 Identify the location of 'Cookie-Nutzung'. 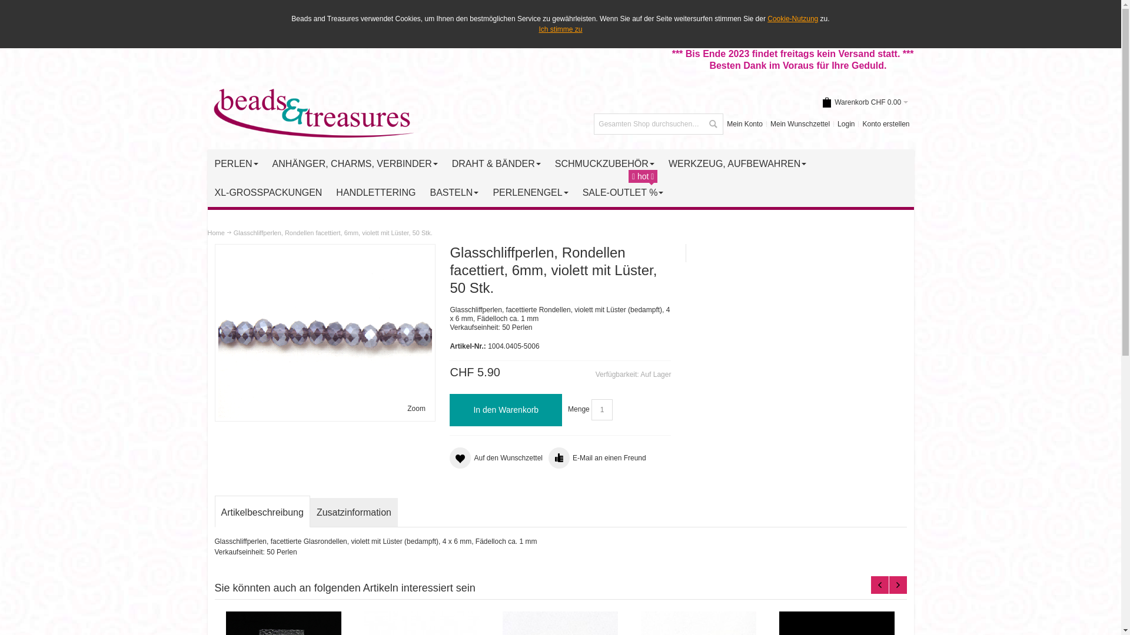
(793, 18).